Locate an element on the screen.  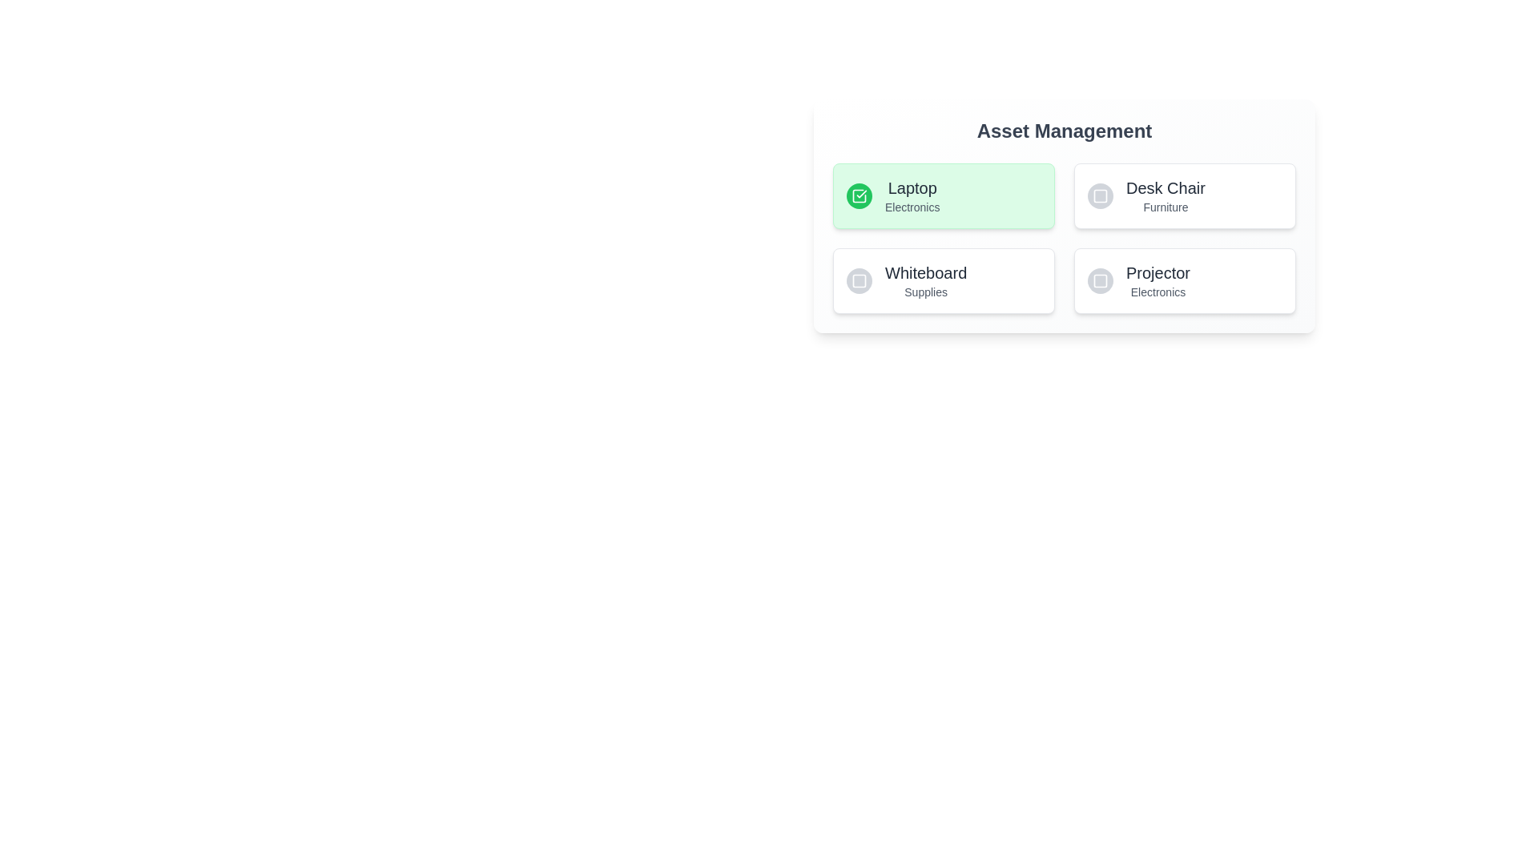
the asset item identified by Desk Chair is located at coordinates (1185, 195).